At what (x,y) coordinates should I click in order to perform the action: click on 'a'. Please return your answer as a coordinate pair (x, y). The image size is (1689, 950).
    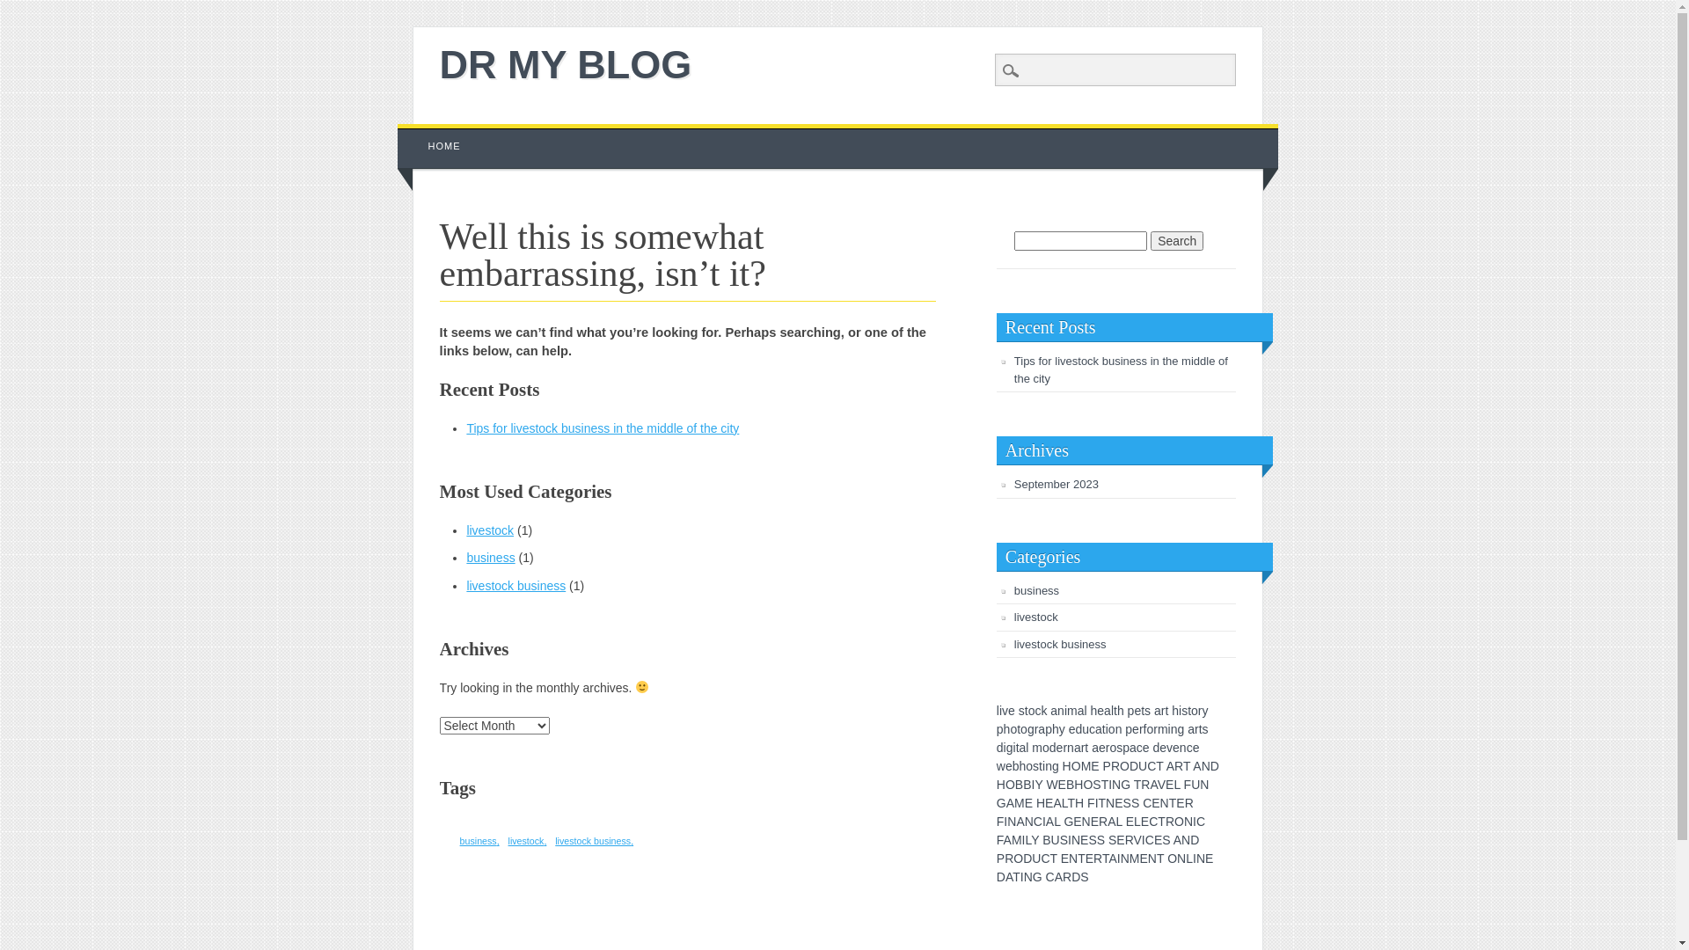
    Looking at the image, I should click on (1076, 747).